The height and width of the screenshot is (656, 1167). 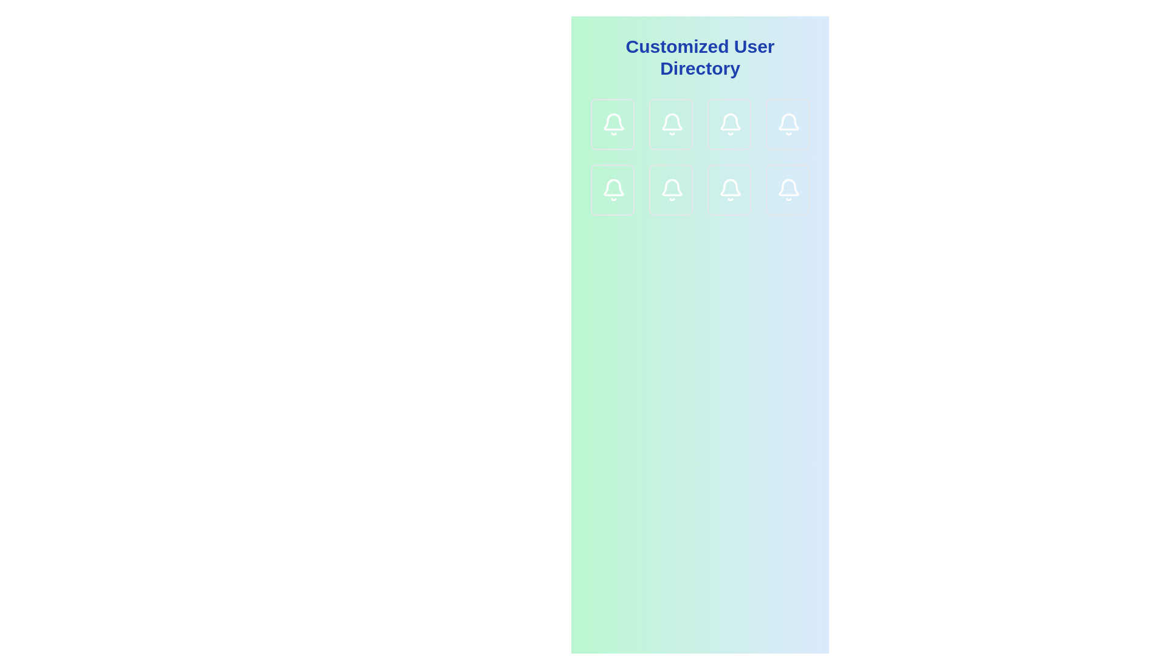 What do you see at coordinates (671, 187) in the screenshot?
I see `the notification icon` at bounding box center [671, 187].